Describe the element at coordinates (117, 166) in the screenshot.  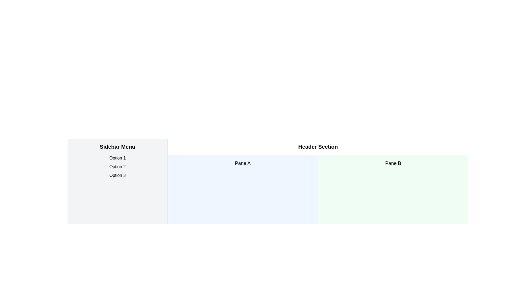
I see `the 'Option 2' menu option to trigger its function by clicking on it` at that location.